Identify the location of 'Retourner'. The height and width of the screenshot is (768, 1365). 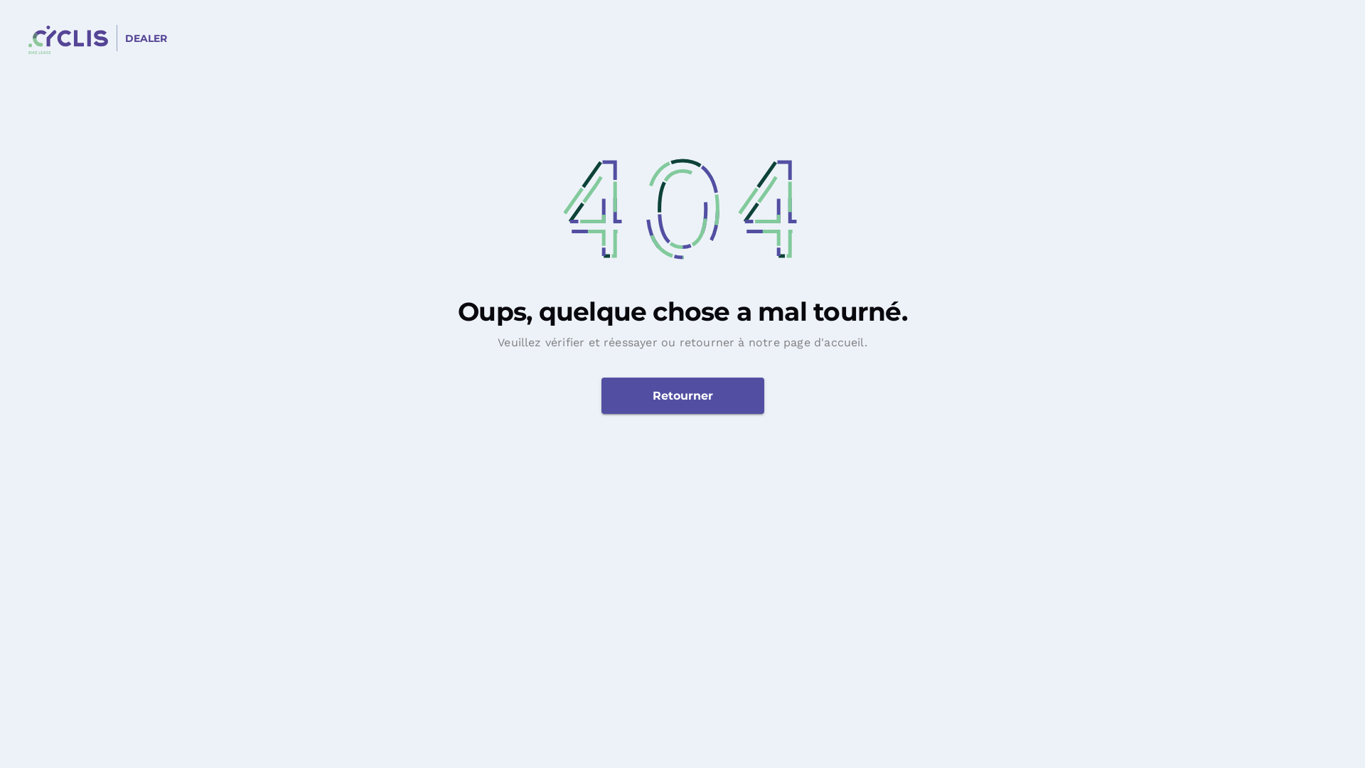
(682, 395).